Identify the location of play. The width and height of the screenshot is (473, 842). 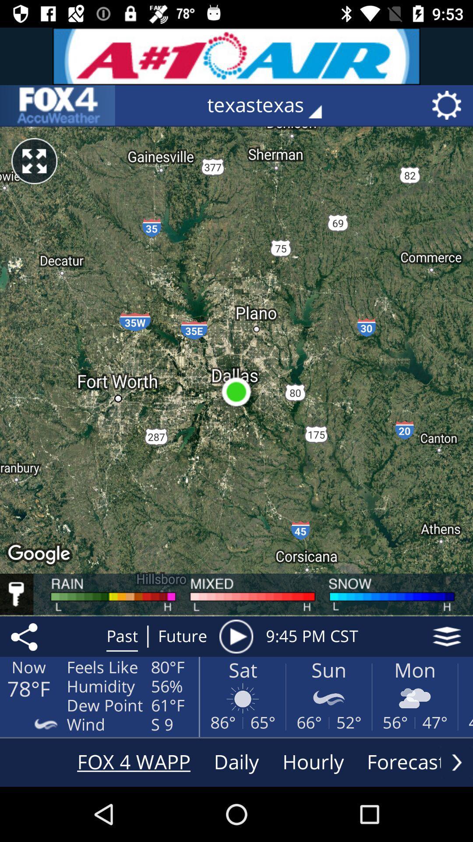
(236, 636).